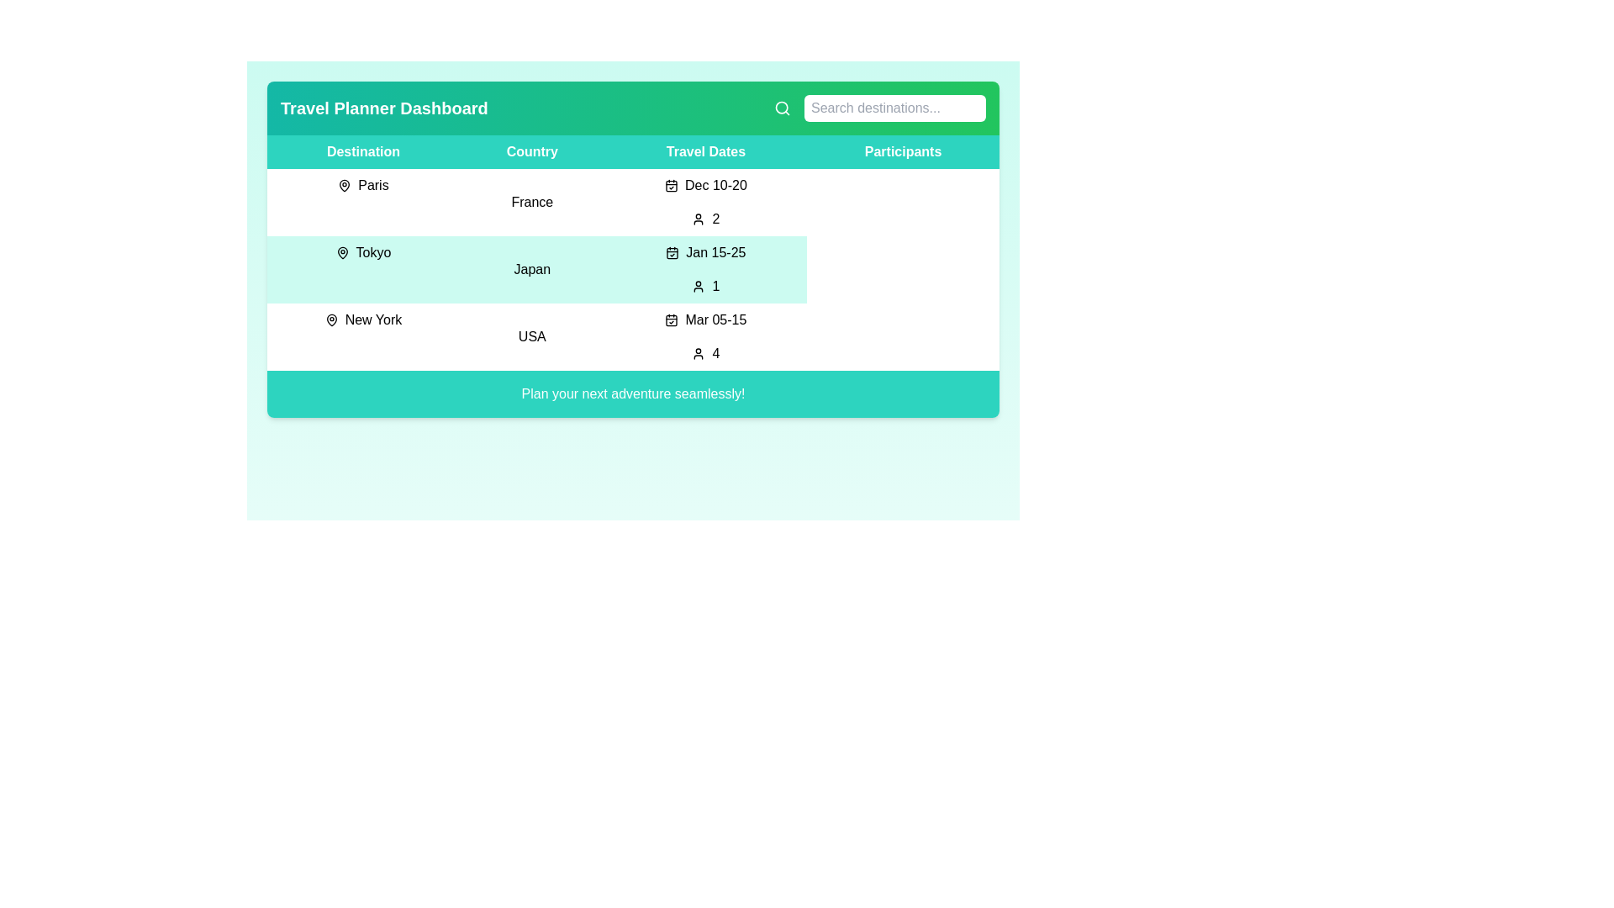 The width and height of the screenshot is (1614, 908). Describe the element at coordinates (531, 337) in the screenshot. I see `the static Text Display indicating the country for the destination entry 'New York', located in the third row of the table under the 'Country' column` at that location.